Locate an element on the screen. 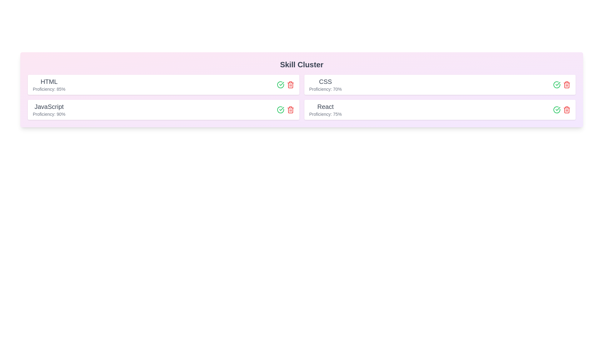 This screenshot has width=600, height=338. remove button for the item labeled HTML is located at coordinates (290, 84).